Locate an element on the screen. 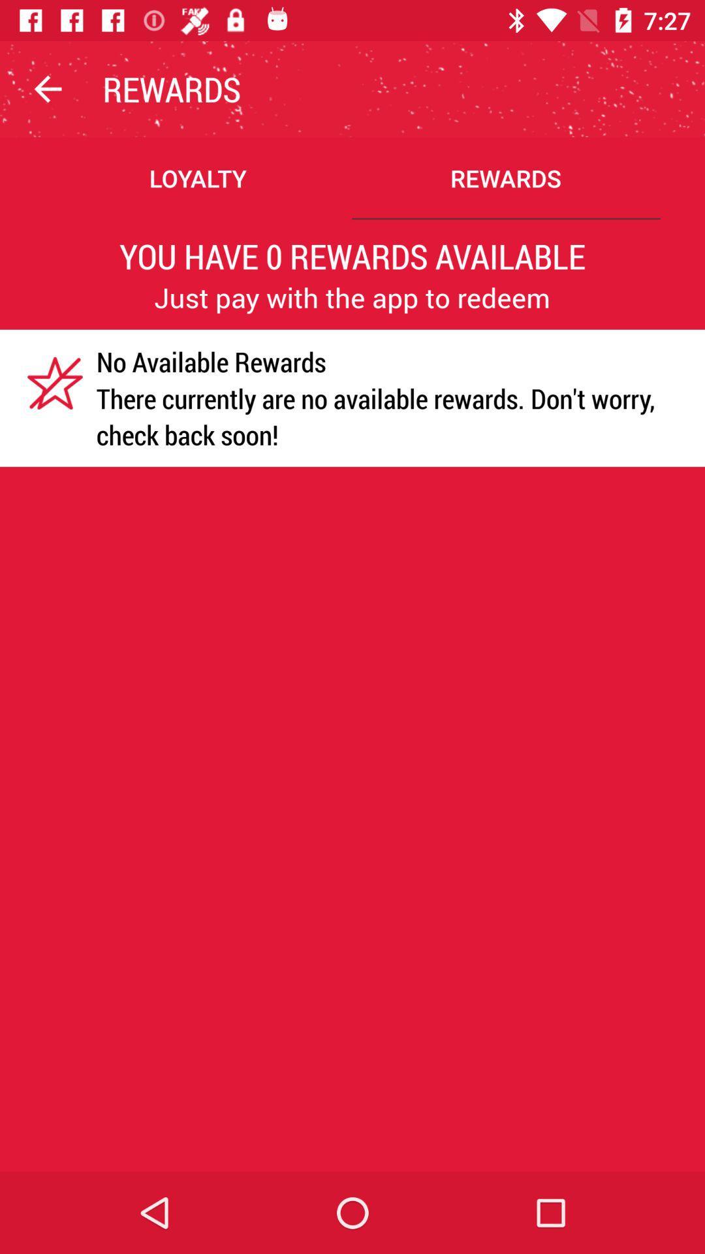  the item to the left of the rewards is located at coordinates (47, 88).